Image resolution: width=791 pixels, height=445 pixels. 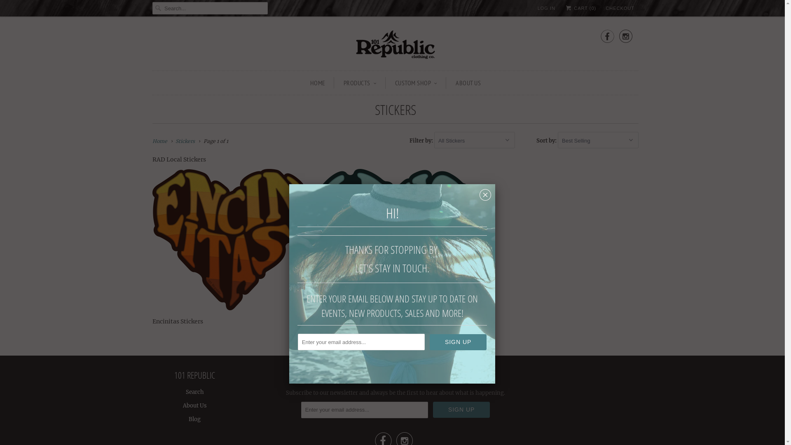 I want to click on '101 Republic', so click(x=354, y=45).